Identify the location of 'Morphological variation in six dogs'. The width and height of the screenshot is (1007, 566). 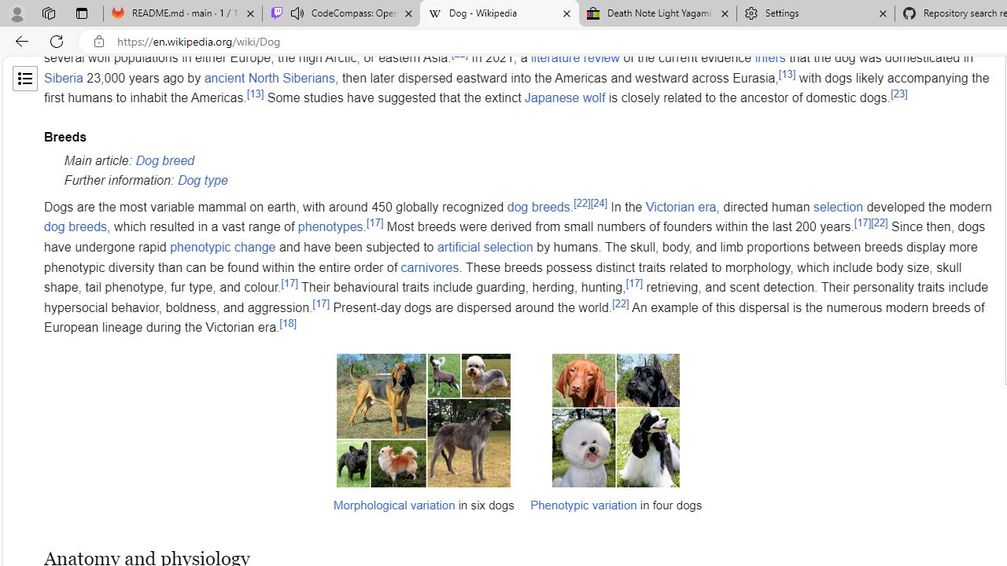
(423, 439).